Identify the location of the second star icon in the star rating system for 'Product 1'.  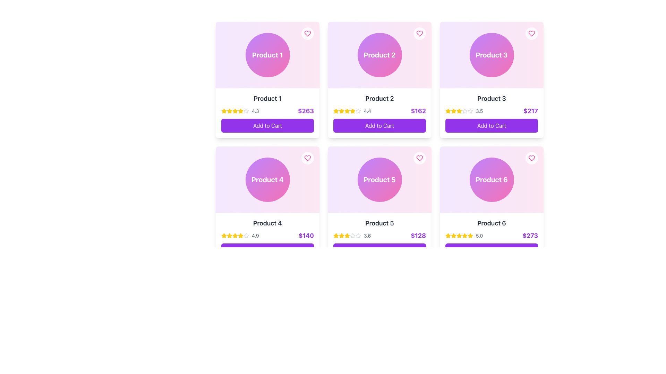
(230, 110).